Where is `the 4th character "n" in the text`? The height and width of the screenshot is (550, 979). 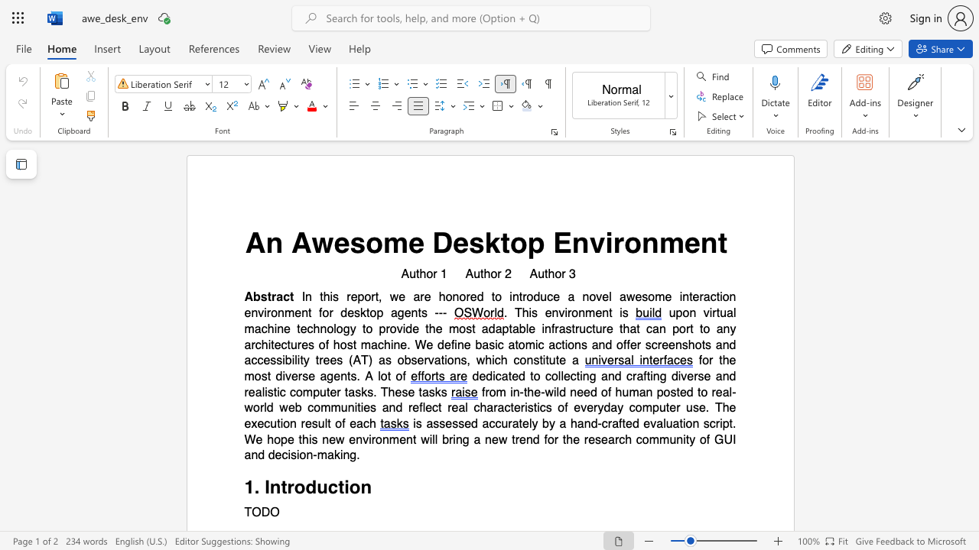 the 4th character "n" in the text is located at coordinates (350, 407).